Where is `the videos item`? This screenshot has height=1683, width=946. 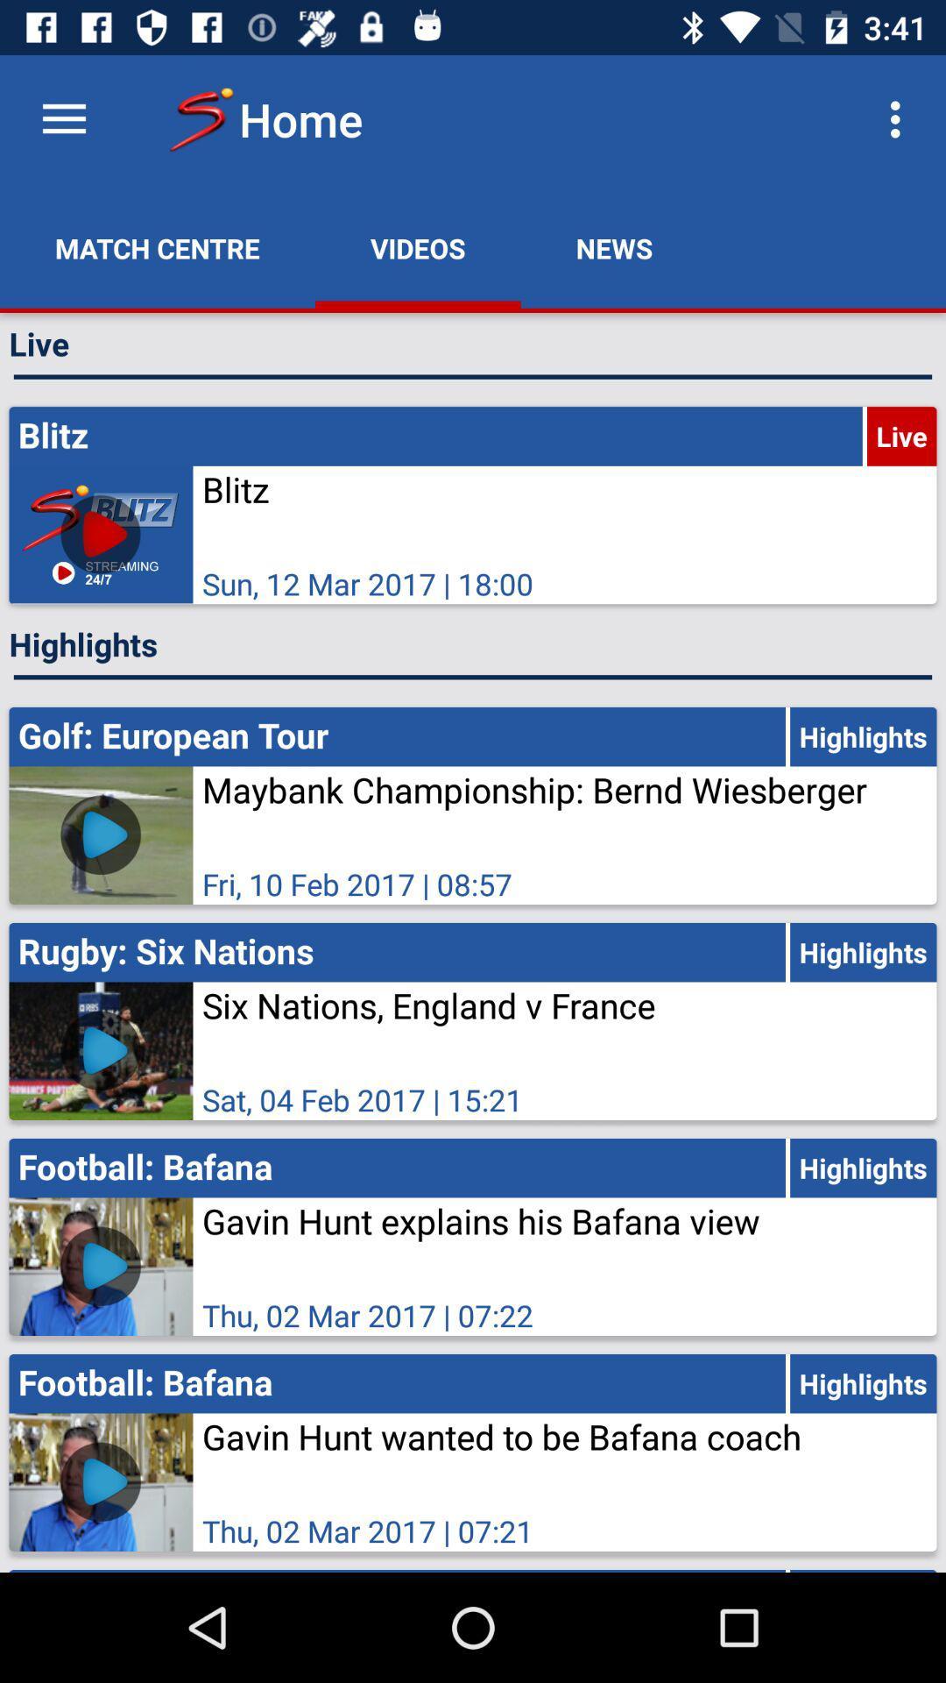
the videos item is located at coordinates (418, 247).